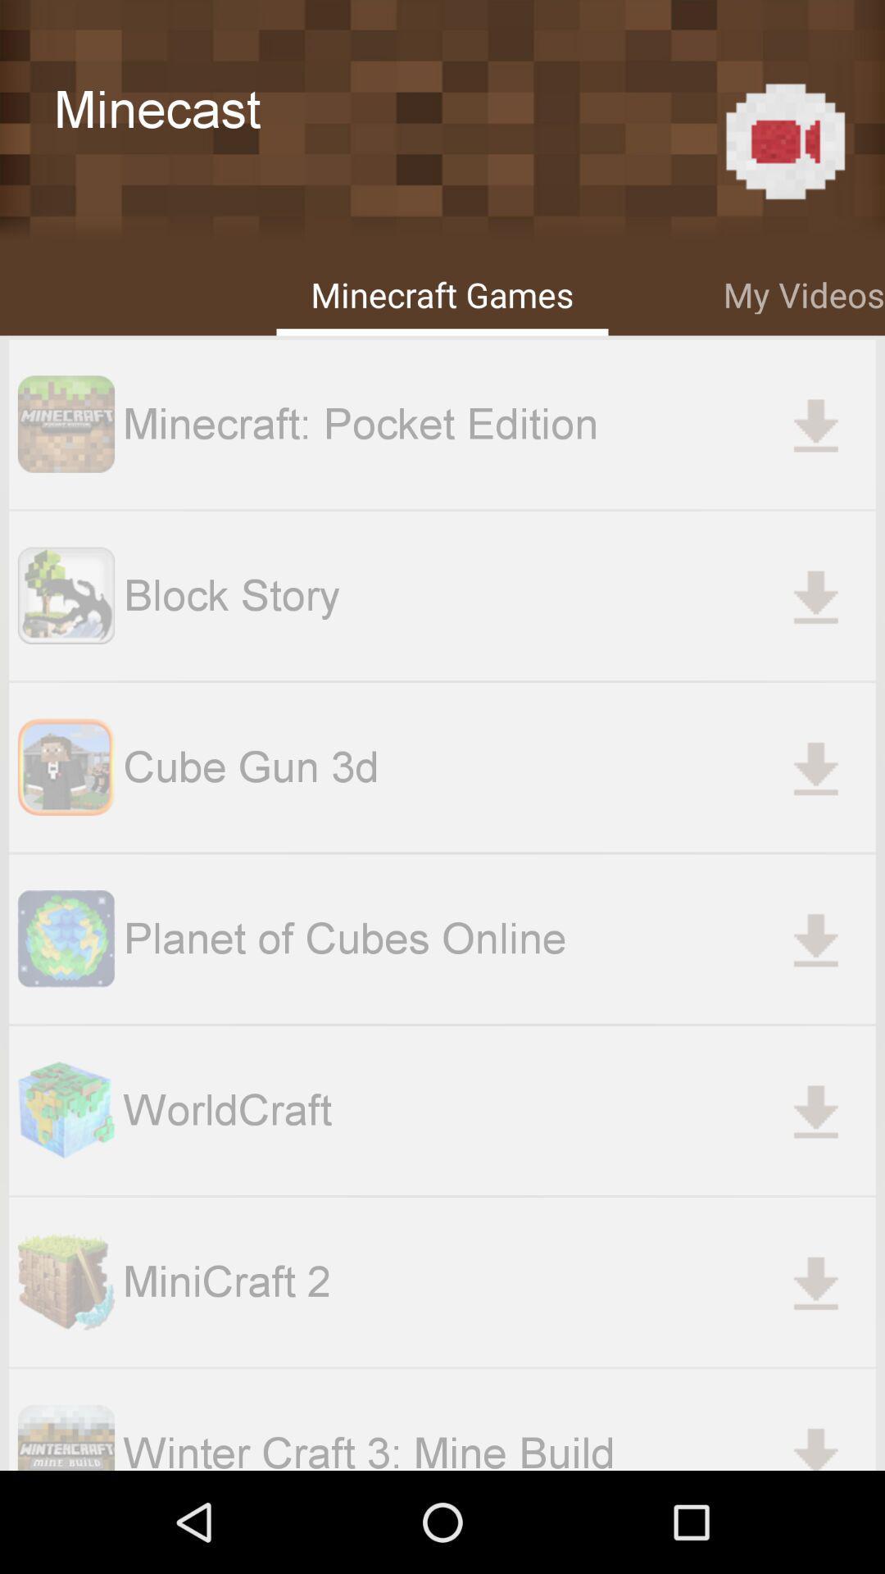 The image size is (885, 1574). Describe the element at coordinates (784, 141) in the screenshot. I see `the item to the right of minecast` at that location.